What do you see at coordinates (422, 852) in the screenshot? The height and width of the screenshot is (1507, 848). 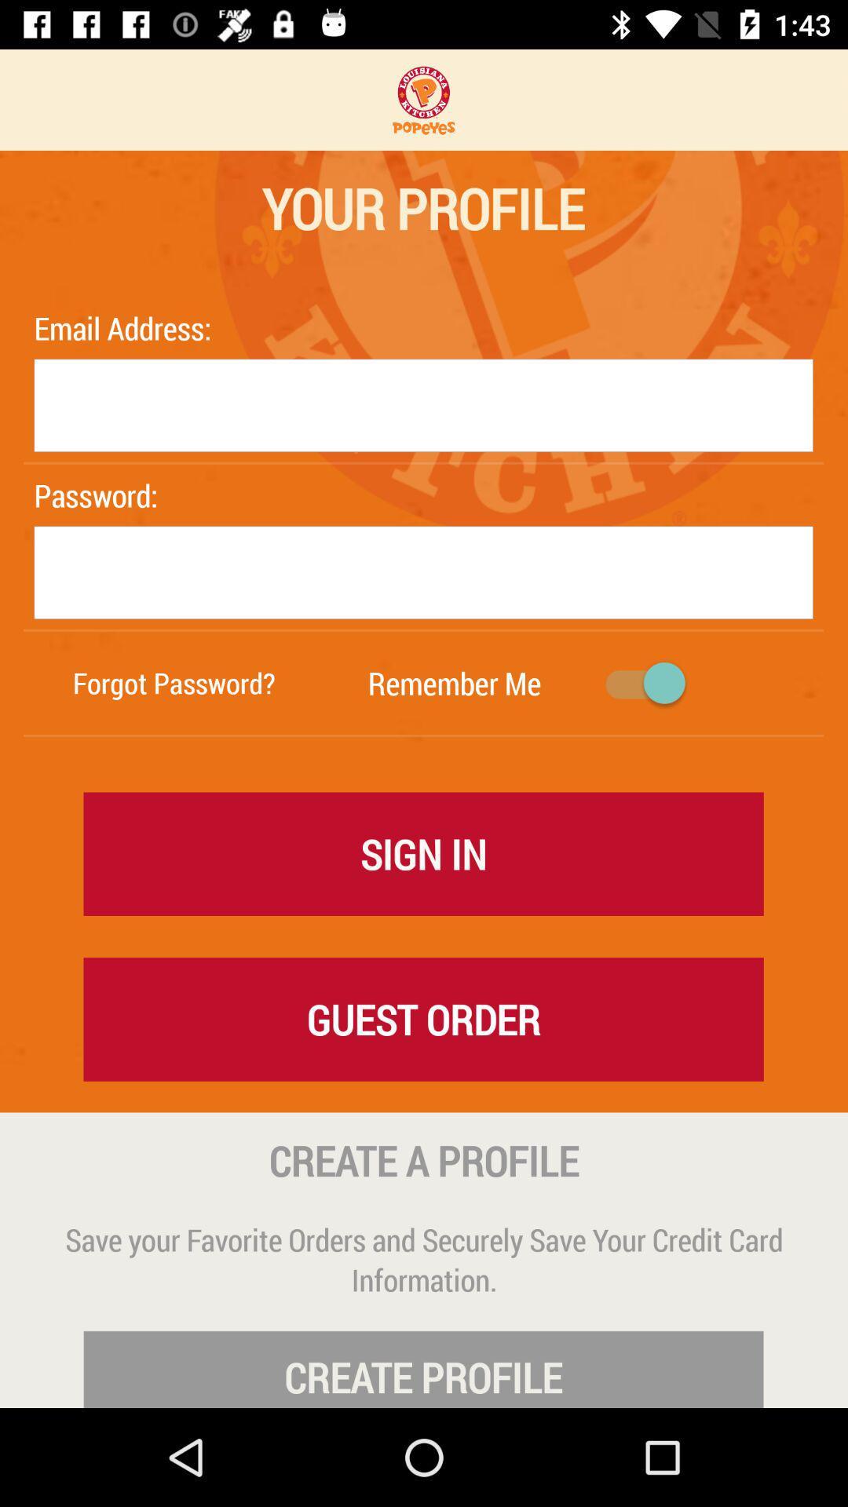 I see `item above the guest order icon` at bounding box center [422, 852].